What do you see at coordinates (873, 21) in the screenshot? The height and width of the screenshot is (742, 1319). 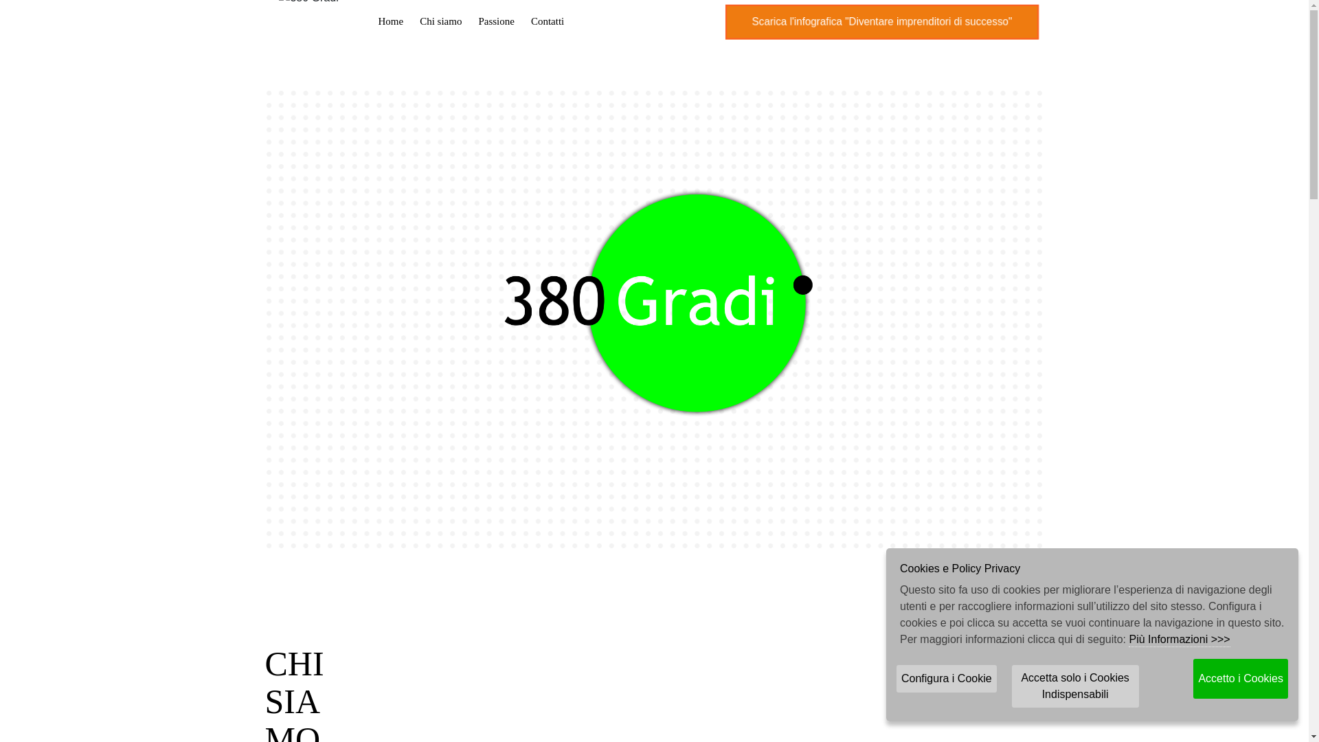 I see `'Scarica l'infografica "Diventare imprenditori di successo"'` at bounding box center [873, 21].